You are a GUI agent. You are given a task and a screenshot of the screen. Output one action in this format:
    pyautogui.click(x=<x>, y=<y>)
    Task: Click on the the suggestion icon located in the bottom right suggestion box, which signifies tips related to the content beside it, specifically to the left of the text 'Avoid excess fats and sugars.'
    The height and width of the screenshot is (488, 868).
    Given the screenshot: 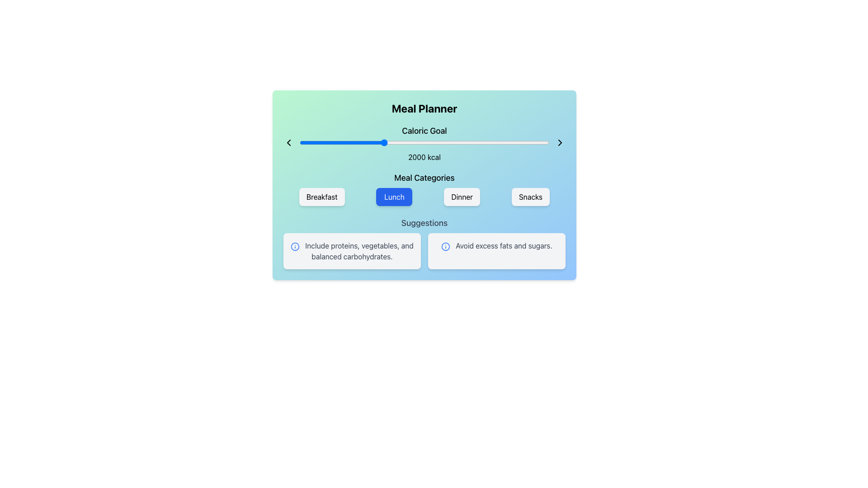 What is the action you would take?
    pyautogui.click(x=446, y=246)
    